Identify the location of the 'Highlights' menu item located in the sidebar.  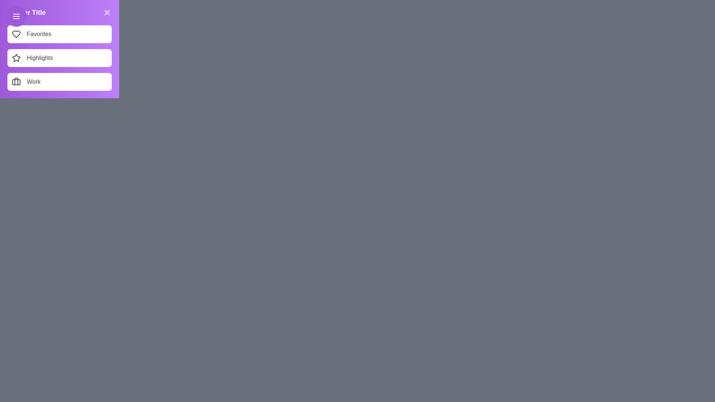
(59, 57).